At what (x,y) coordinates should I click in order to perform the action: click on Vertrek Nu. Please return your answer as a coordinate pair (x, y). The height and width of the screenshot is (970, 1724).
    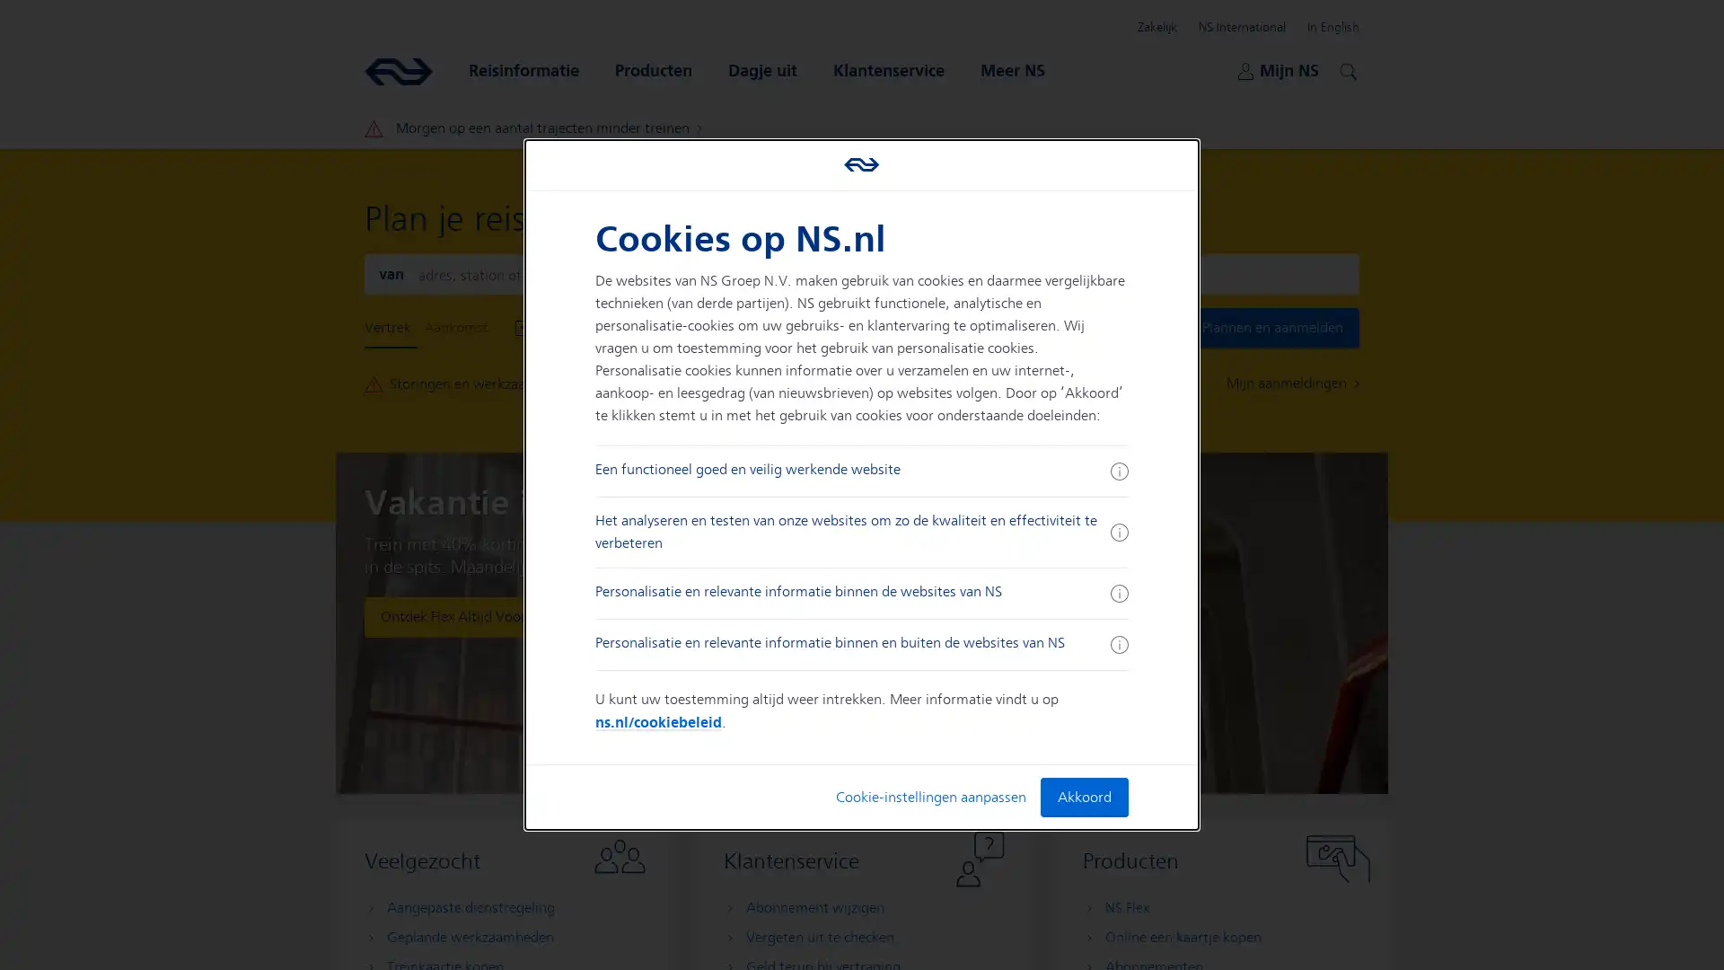
    Looking at the image, I should click on (745, 328).